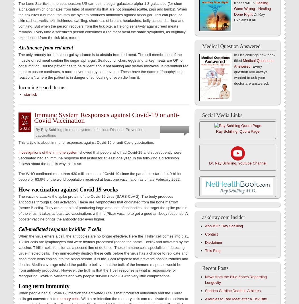  What do you see at coordinates (214, 242) in the screenshot?
I see `'Disclaimer'` at bounding box center [214, 242].